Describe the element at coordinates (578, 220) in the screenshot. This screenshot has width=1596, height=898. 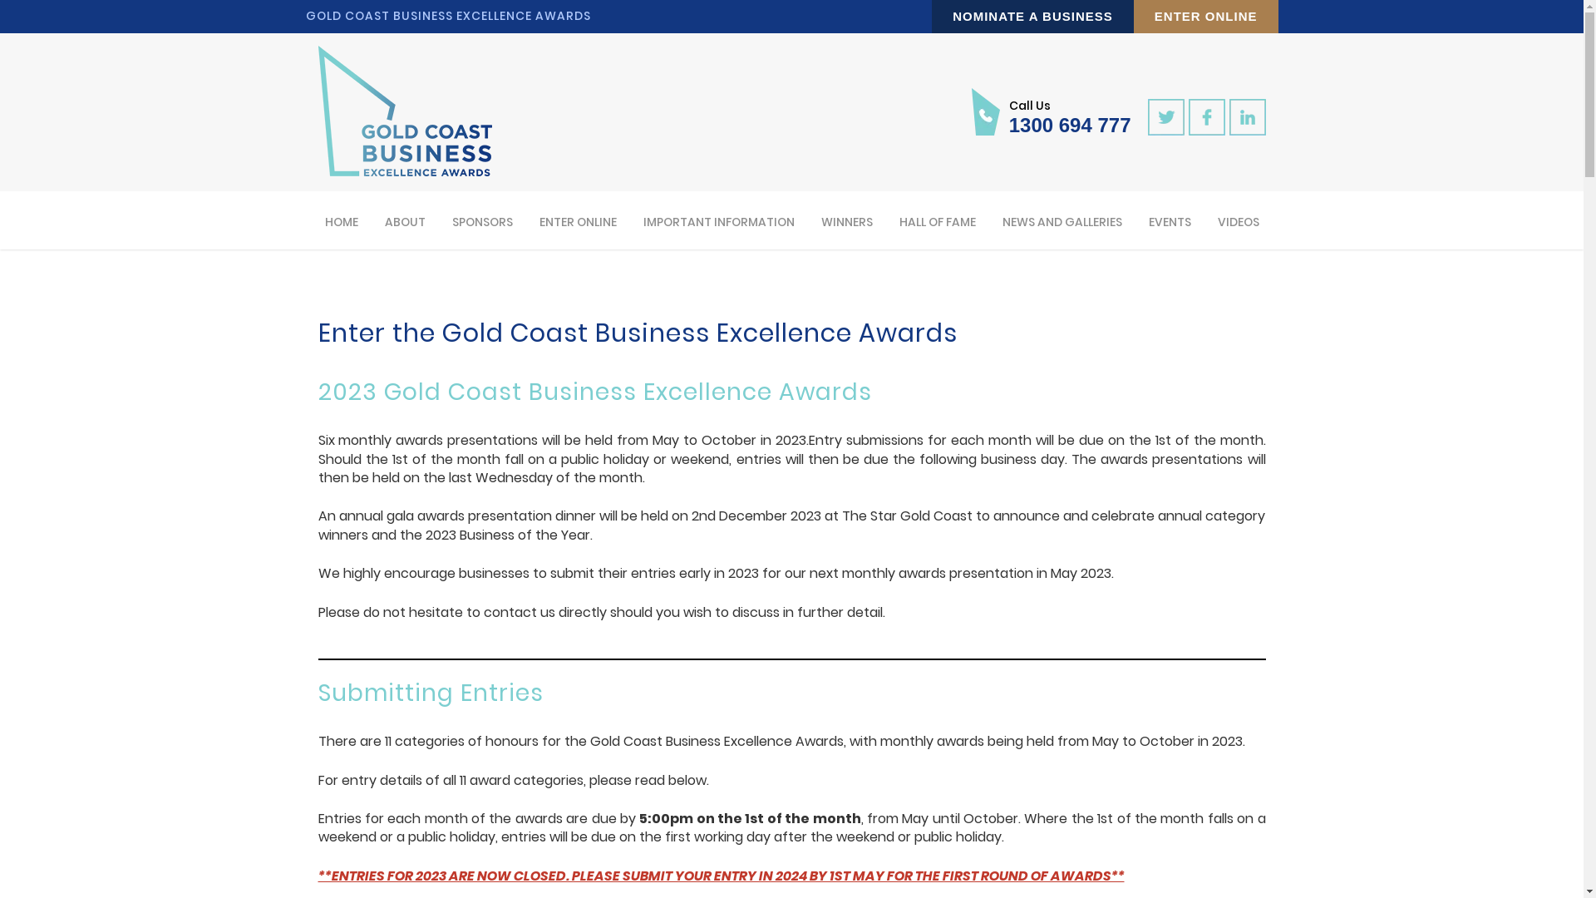
I see `'ENTER ONLINE'` at that location.